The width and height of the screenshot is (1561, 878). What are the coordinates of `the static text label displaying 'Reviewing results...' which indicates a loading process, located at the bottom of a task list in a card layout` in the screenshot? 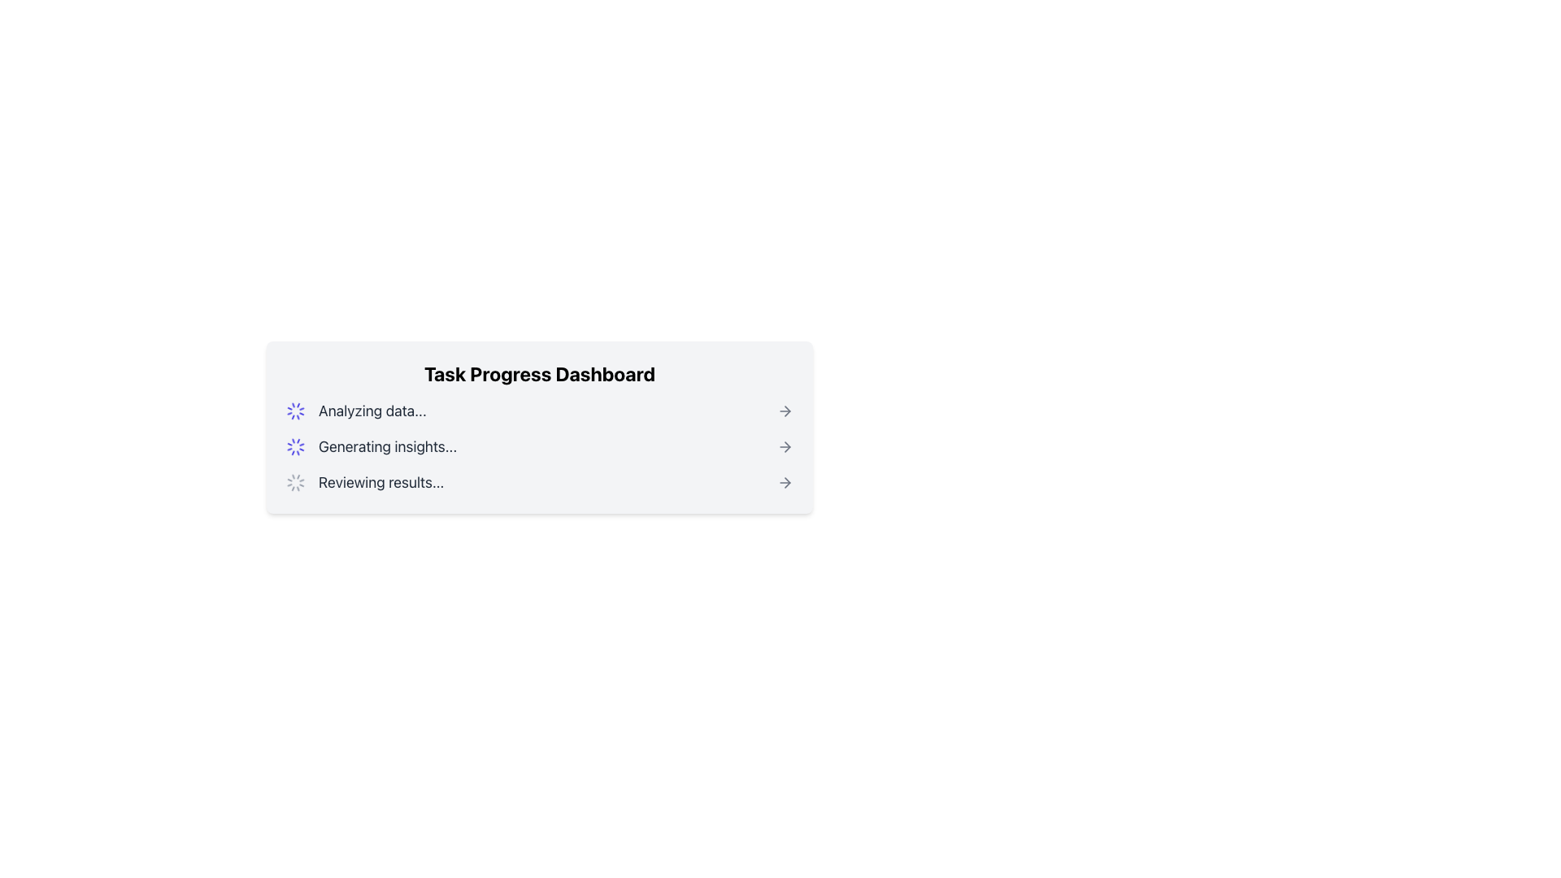 It's located at (380, 482).